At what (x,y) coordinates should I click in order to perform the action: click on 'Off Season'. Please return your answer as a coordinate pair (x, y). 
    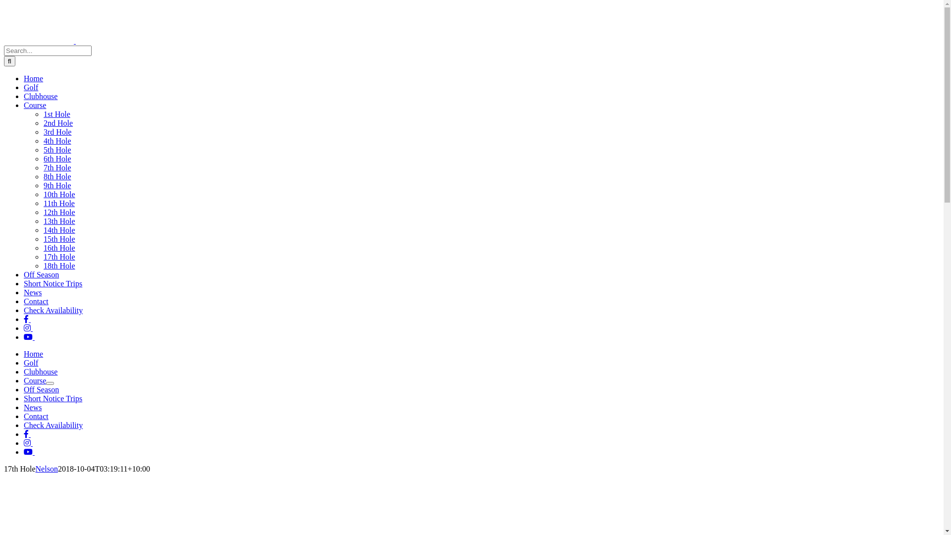
    Looking at the image, I should click on (41, 274).